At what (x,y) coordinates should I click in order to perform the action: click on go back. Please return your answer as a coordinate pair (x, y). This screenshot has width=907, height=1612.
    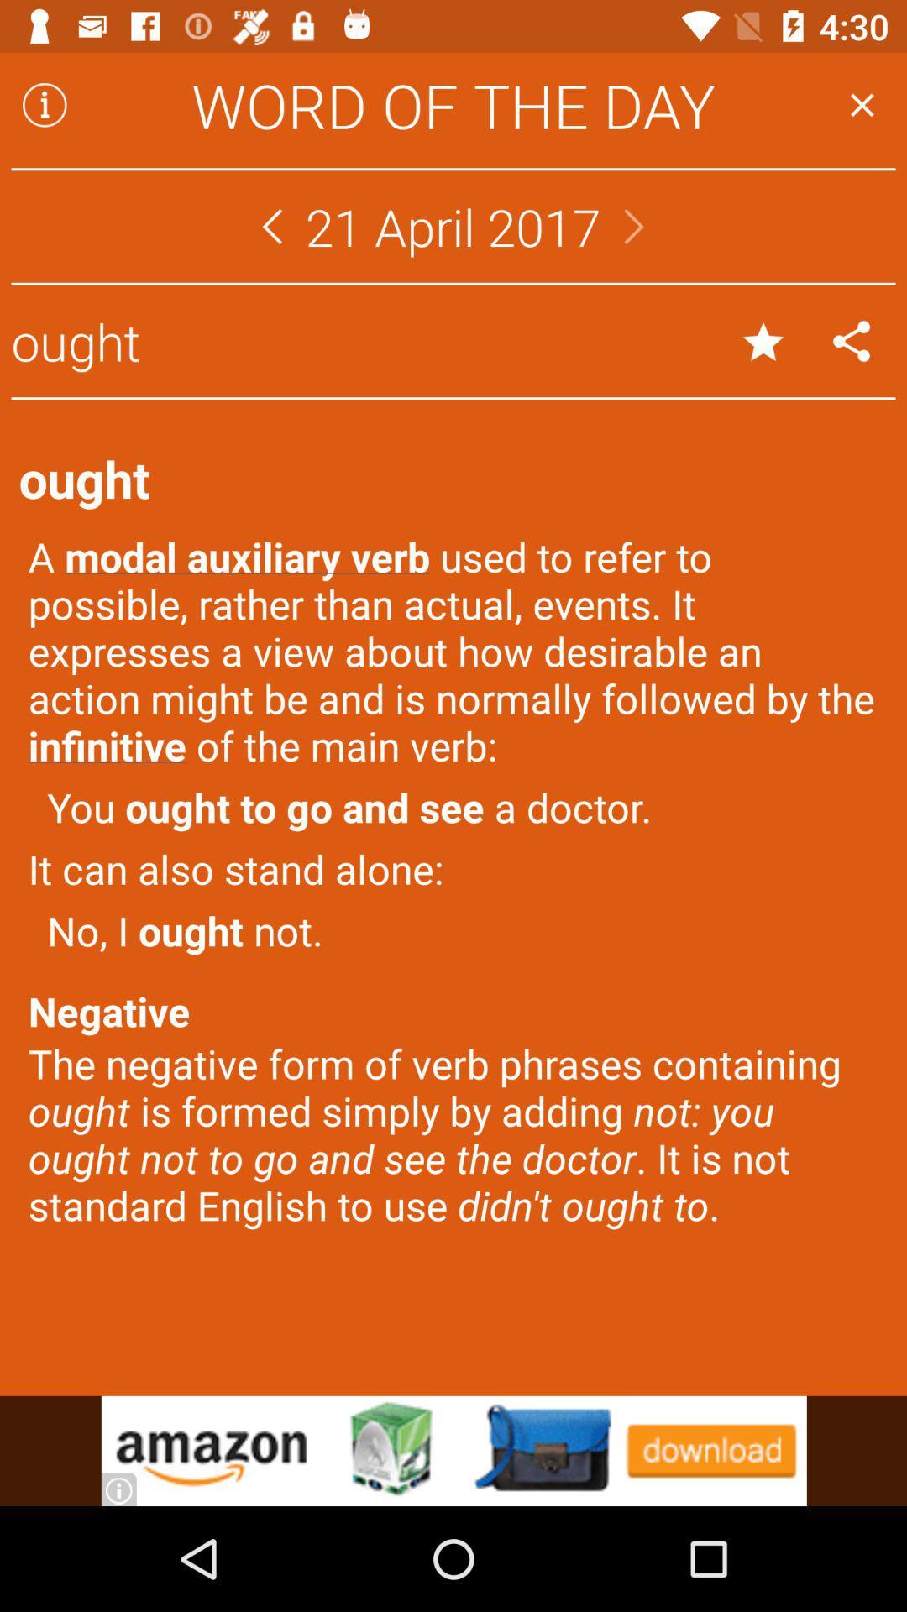
    Looking at the image, I should click on (271, 225).